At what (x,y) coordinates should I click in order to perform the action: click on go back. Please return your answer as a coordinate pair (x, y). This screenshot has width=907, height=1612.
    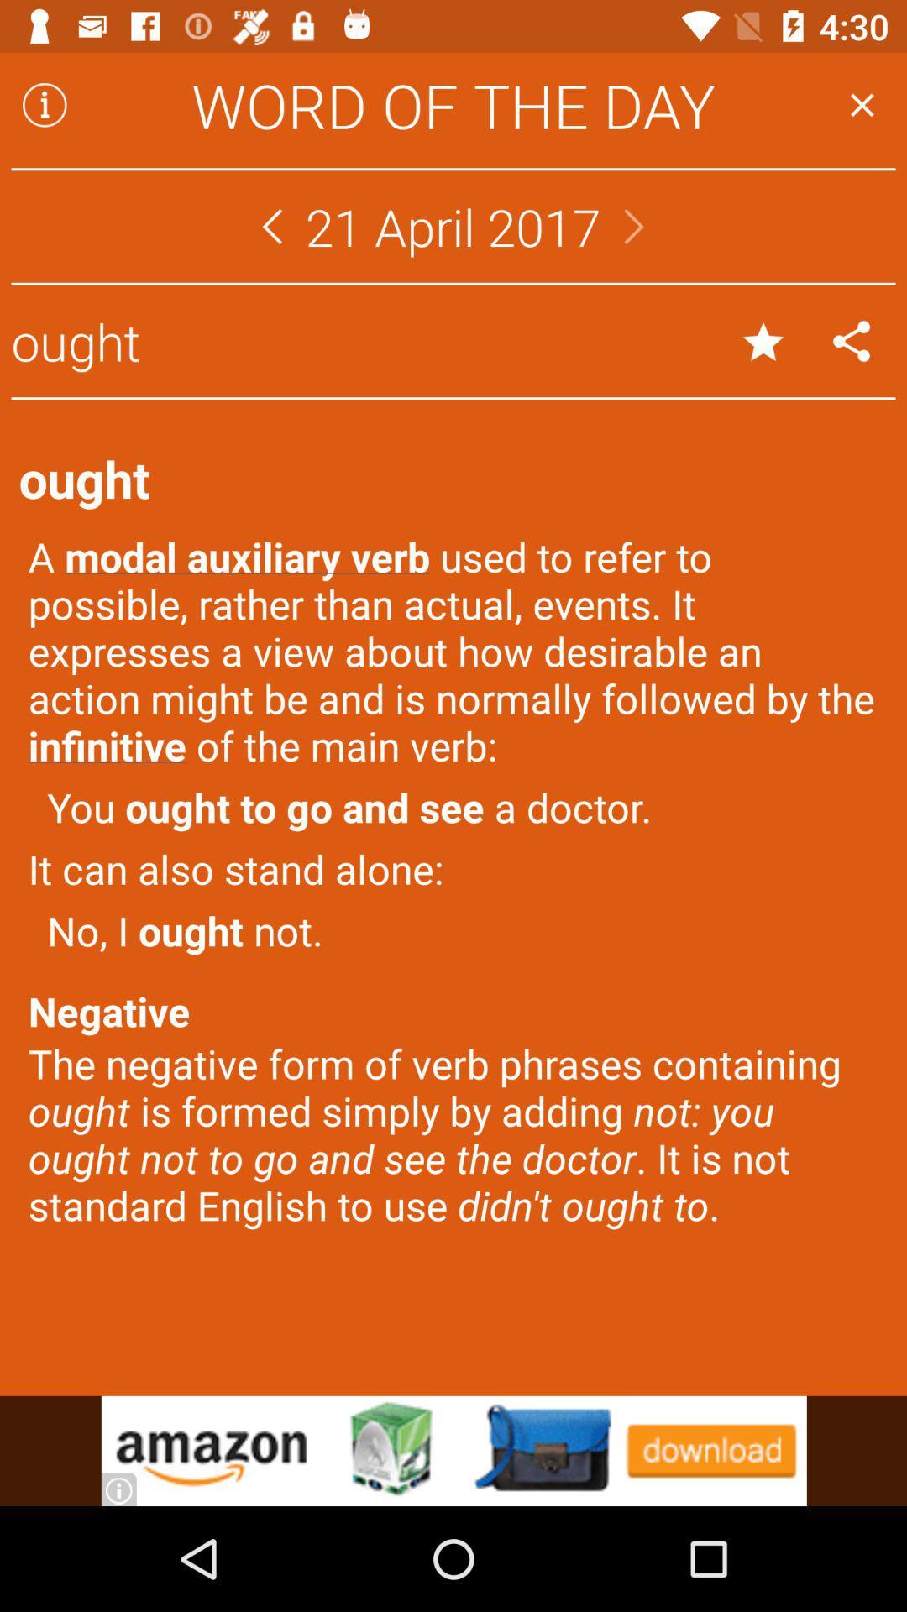
    Looking at the image, I should click on (271, 225).